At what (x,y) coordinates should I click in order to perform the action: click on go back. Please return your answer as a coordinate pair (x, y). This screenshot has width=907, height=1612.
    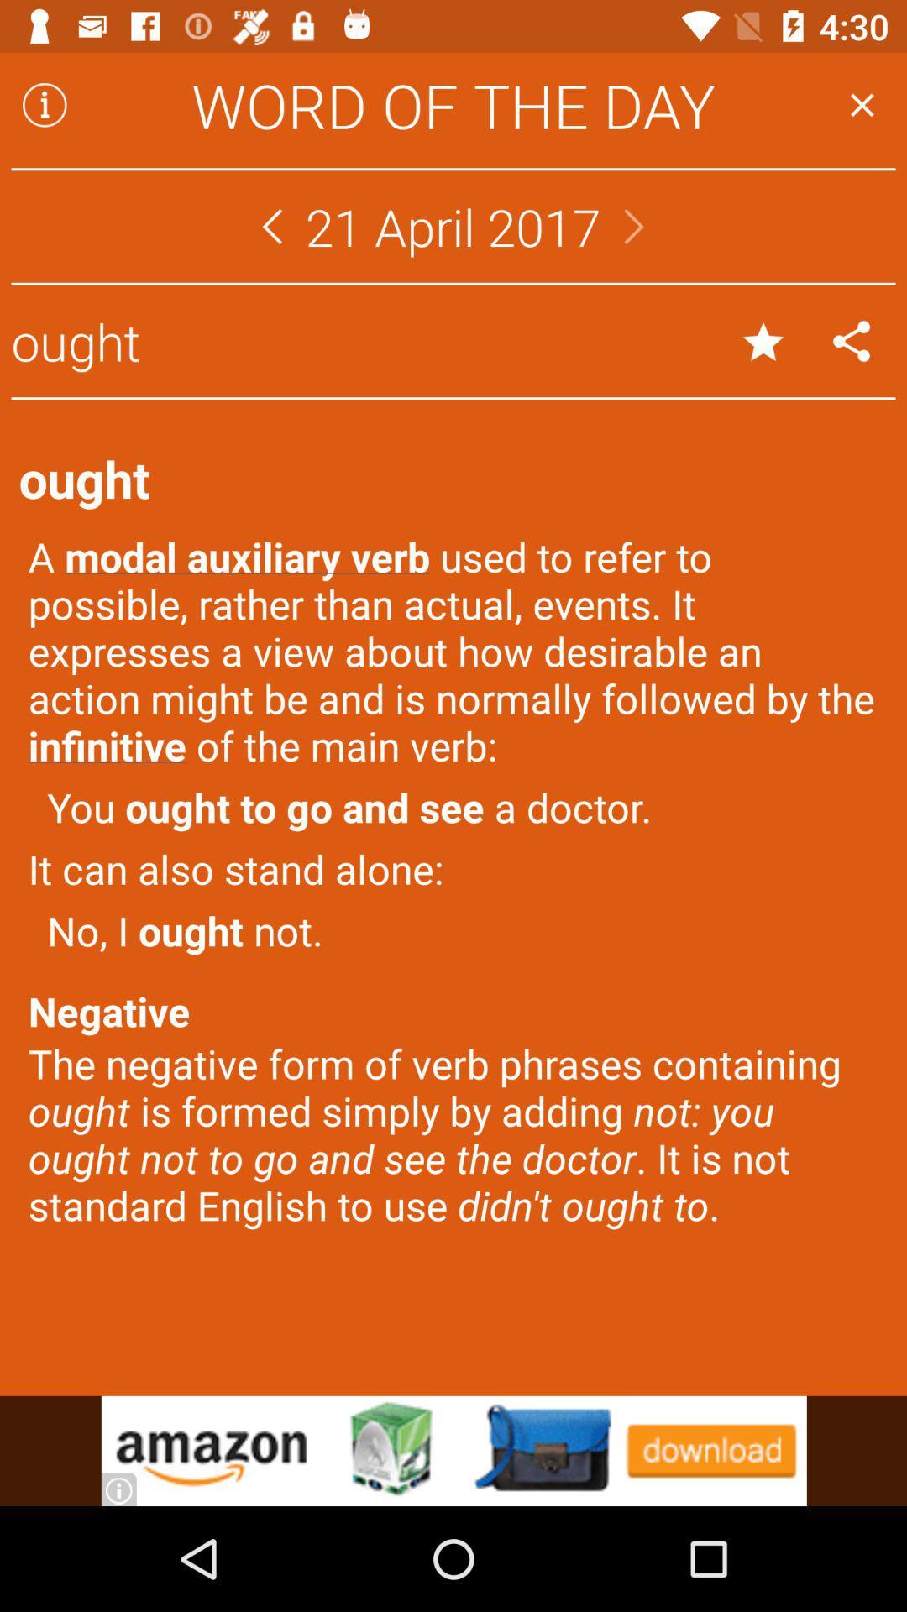
    Looking at the image, I should click on (271, 225).